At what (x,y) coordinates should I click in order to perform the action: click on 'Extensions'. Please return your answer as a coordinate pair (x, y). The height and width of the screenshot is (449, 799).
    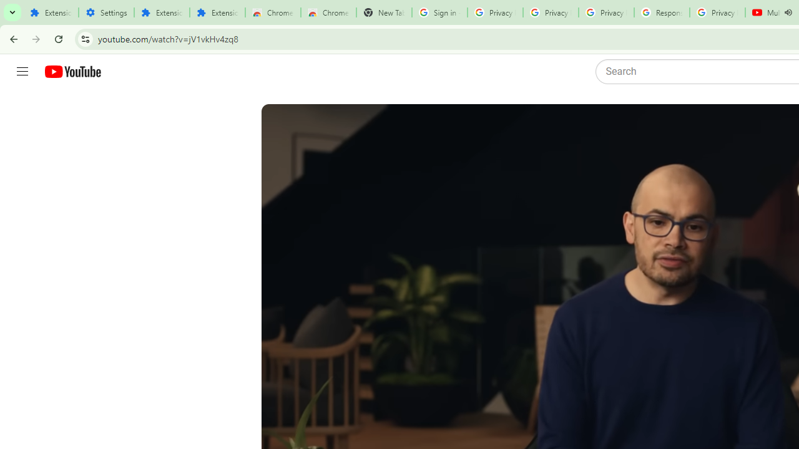
    Looking at the image, I should click on (161, 12).